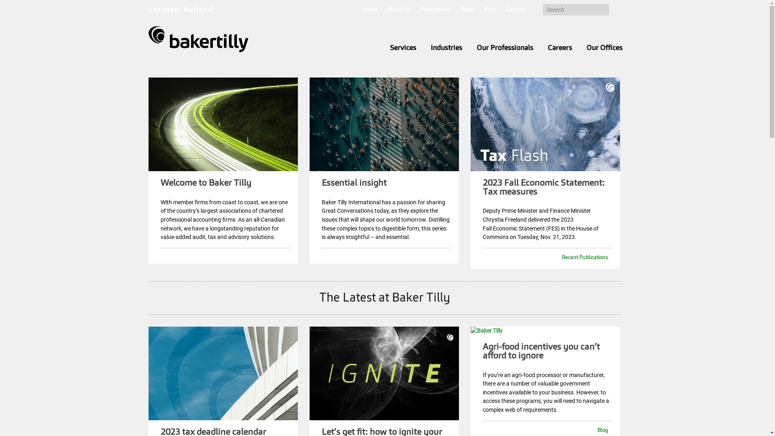  I want to click on 'submit', so click(614, 9).